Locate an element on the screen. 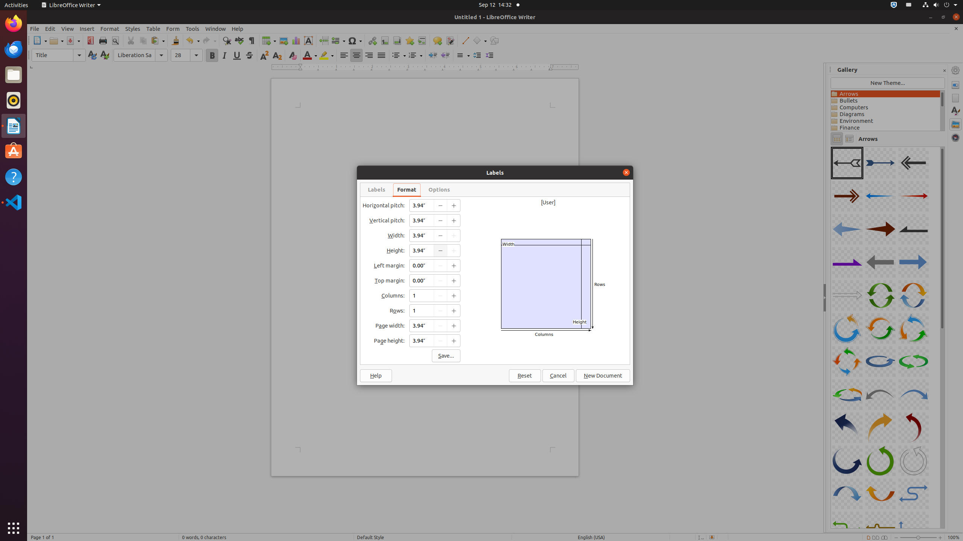 The width and height of the screenshot is (963, 541). ':1.21/StatusNotifierItem' is located at coordinates (908, 5).